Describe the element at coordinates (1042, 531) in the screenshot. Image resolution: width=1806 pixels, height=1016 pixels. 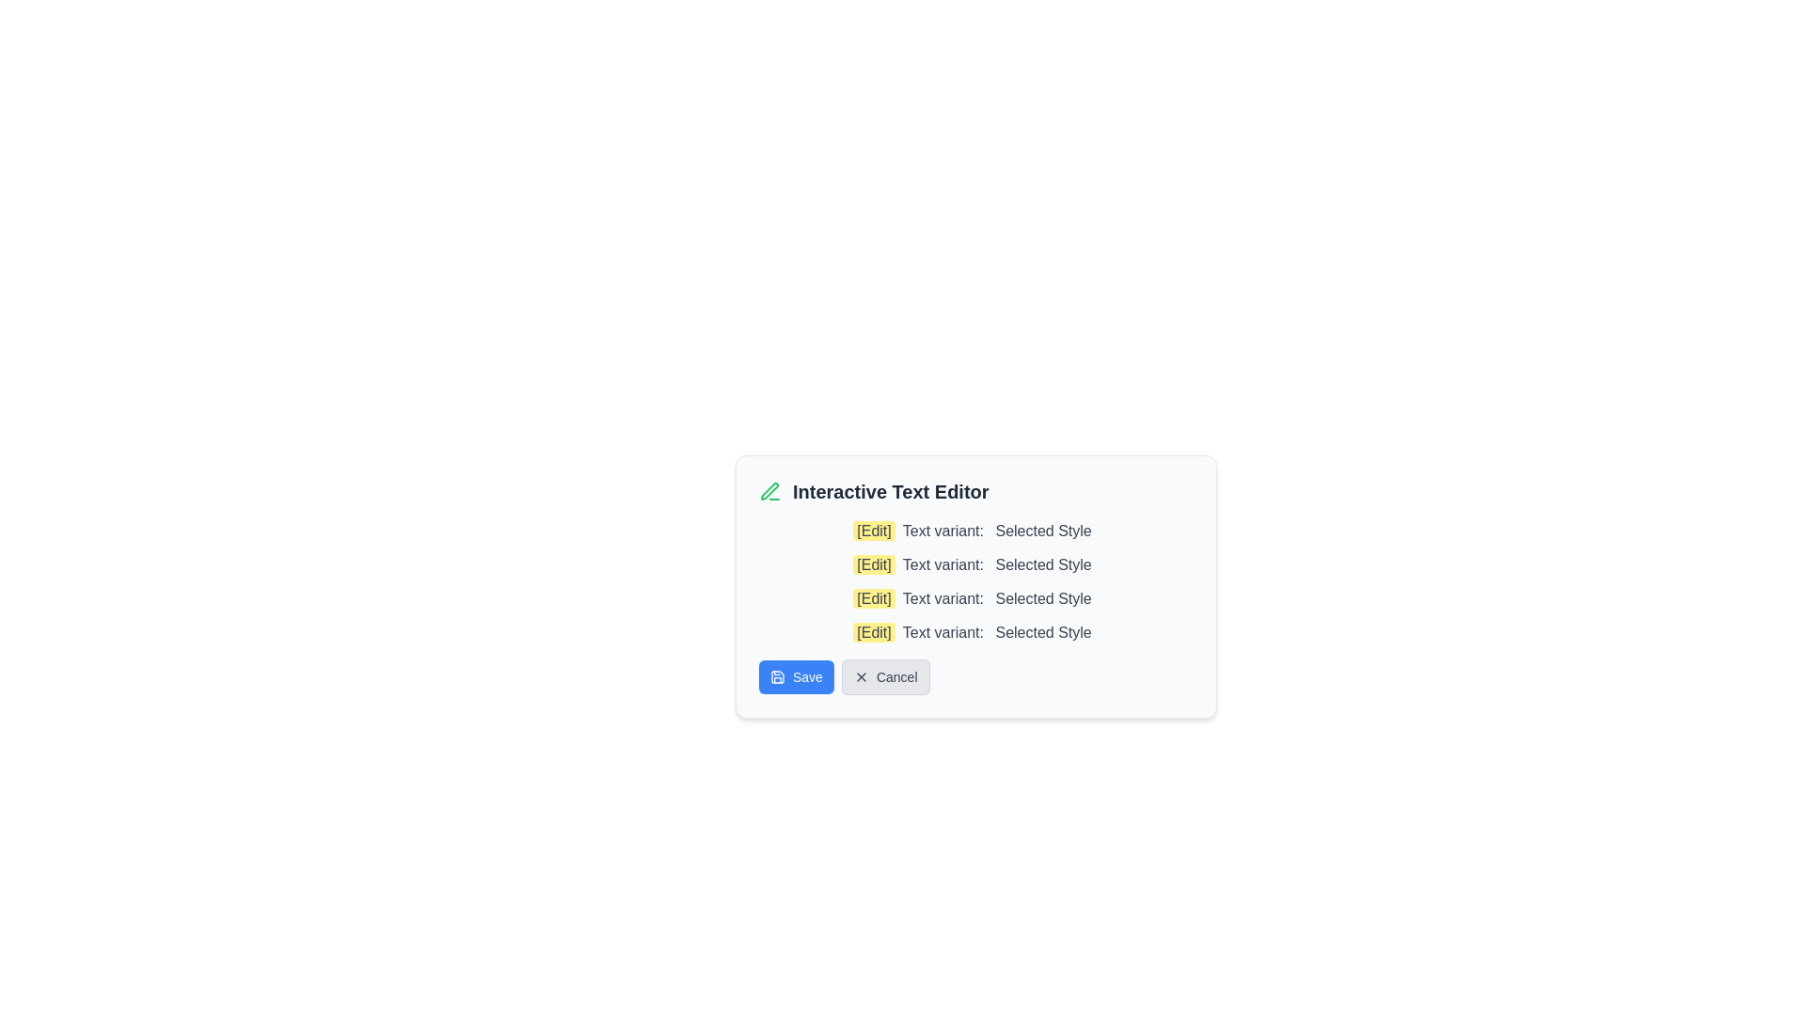
I see `the 'Selected Style' text badge, which is a rectangular label with rounded corners located to the right of the '[Edit]' button in the 'Interactive Text Editor' section` at that location.